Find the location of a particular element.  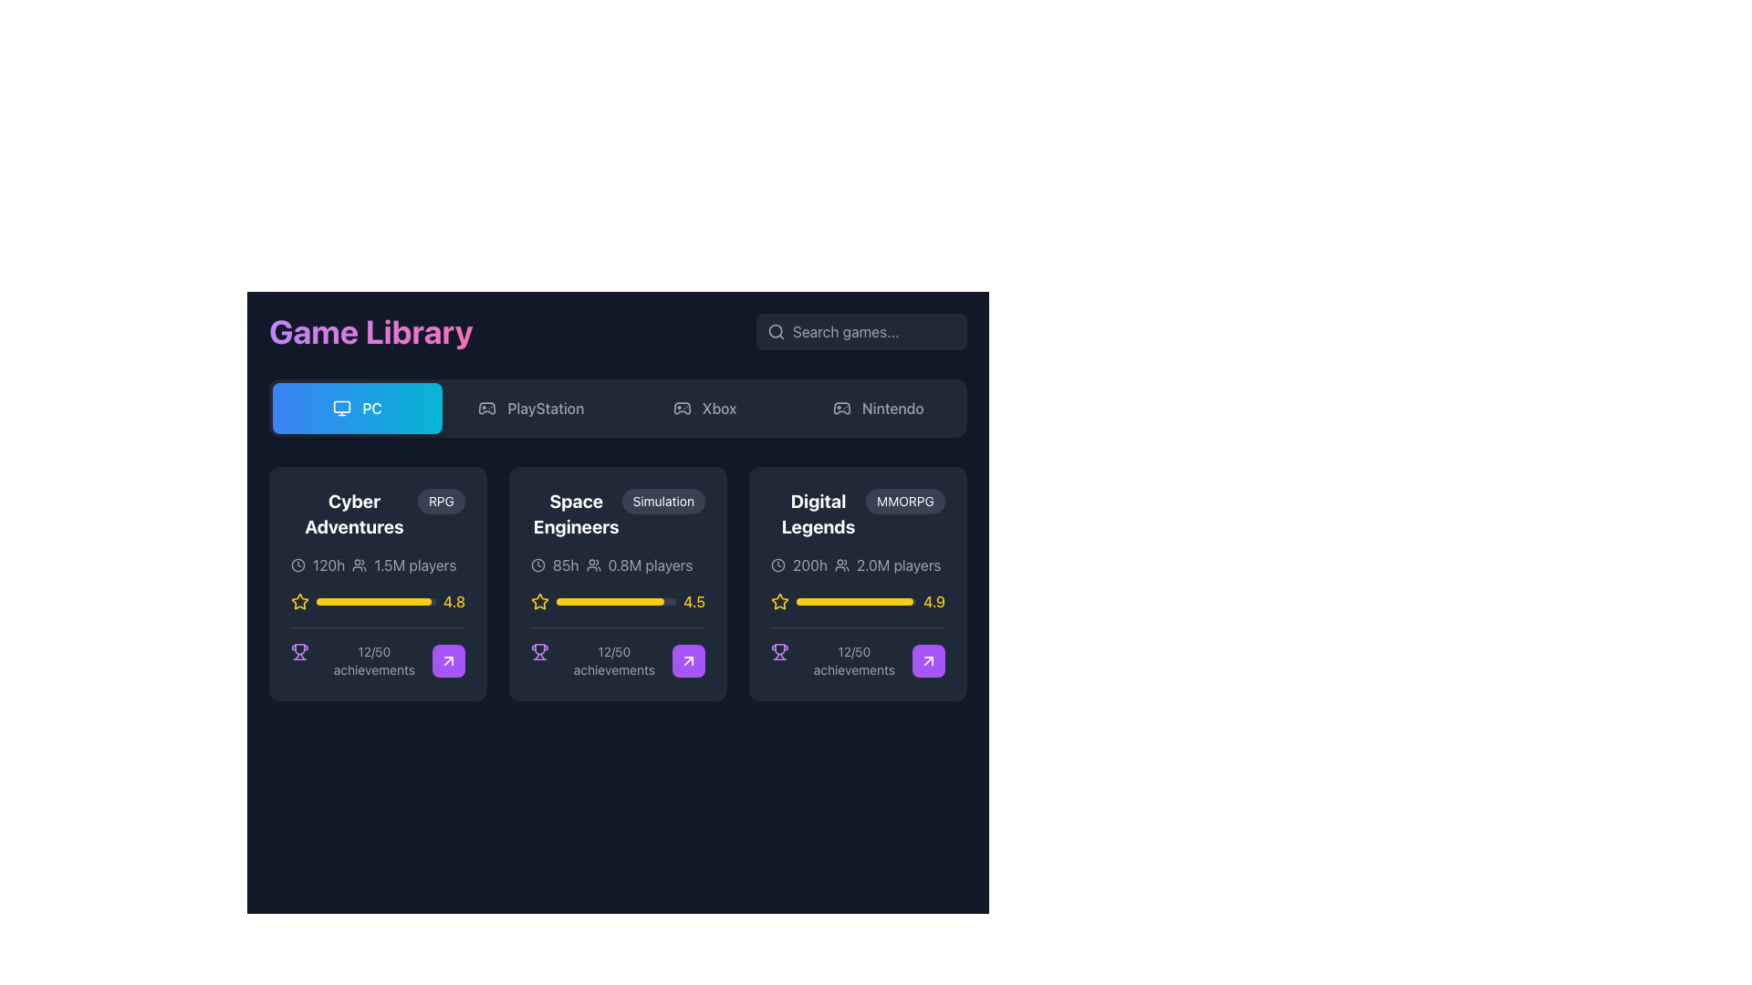

the rating icon located to the left of the text displaying '4.5' in the 'Space Engineers' section is located at coordinates (538, 601).